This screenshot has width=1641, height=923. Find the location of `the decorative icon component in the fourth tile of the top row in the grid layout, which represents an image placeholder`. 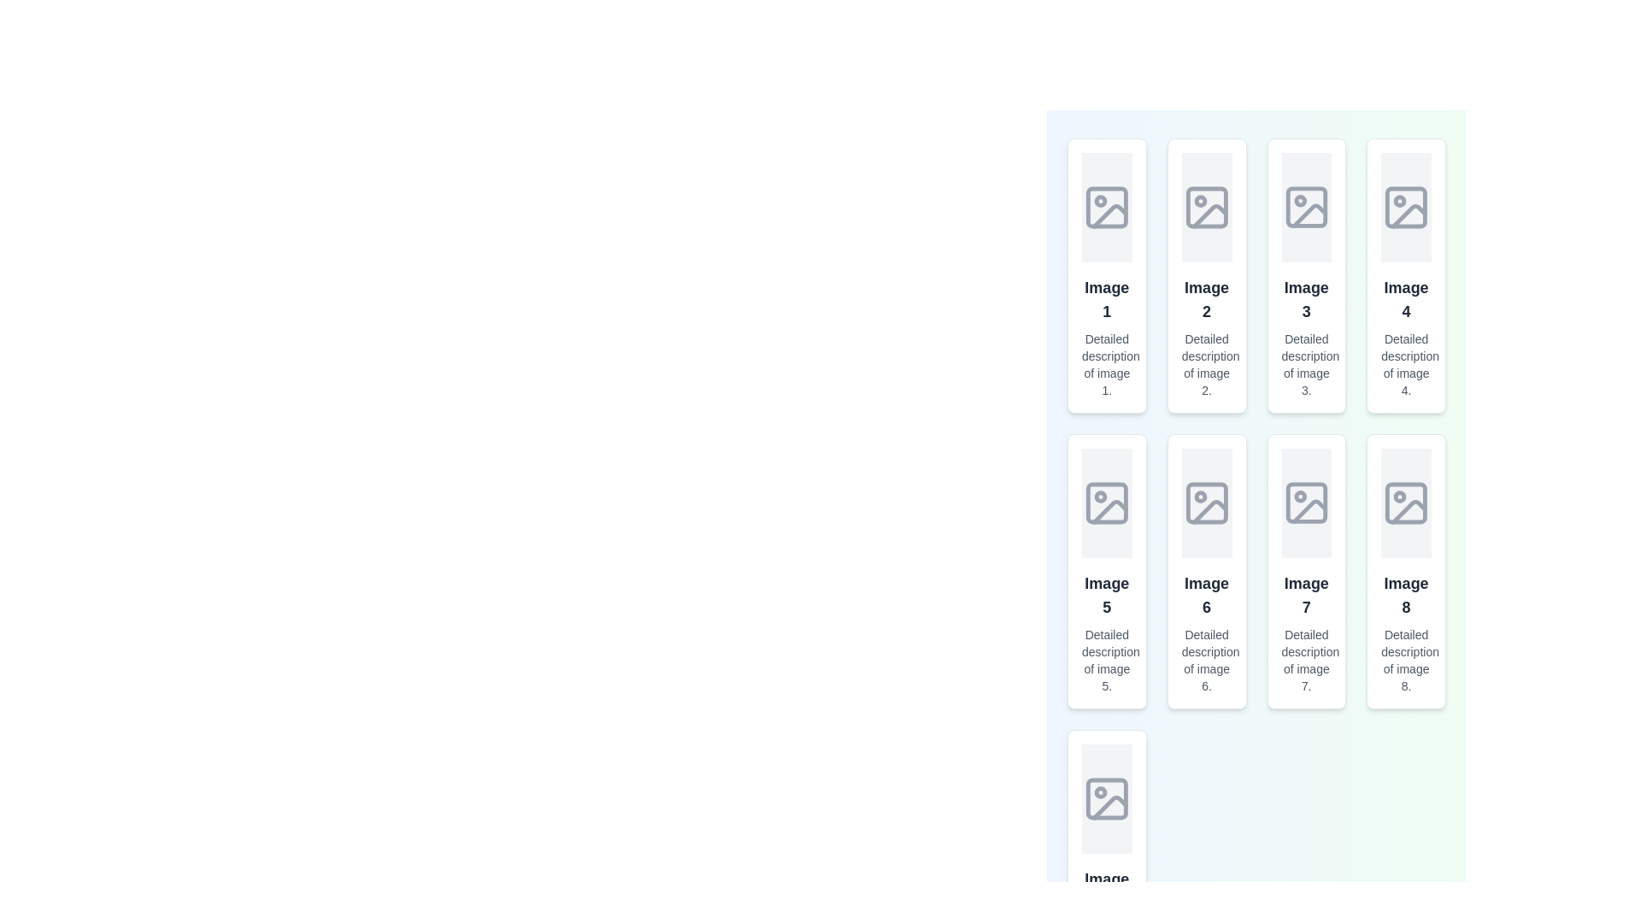

the decorative icon component in the fourth tile of the top row in the grid layout, which represents an image placeholder is located at coordinates (1409, 215).